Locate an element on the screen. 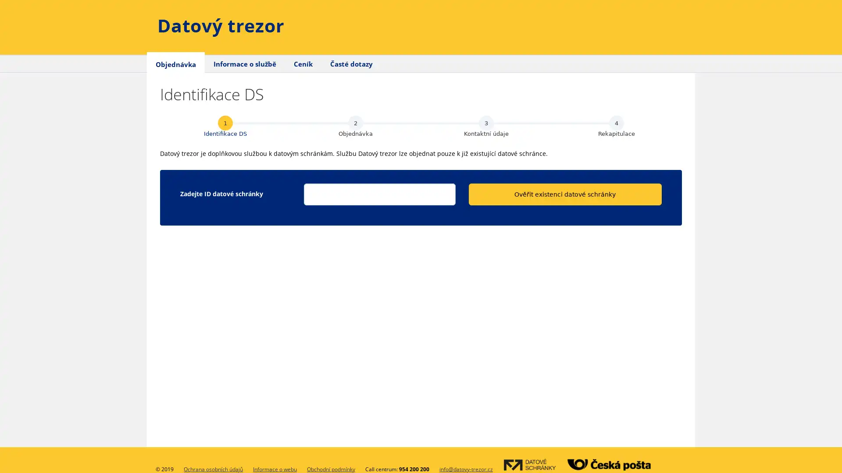  1 Identifikace DS is located at coordinates (225, 126).